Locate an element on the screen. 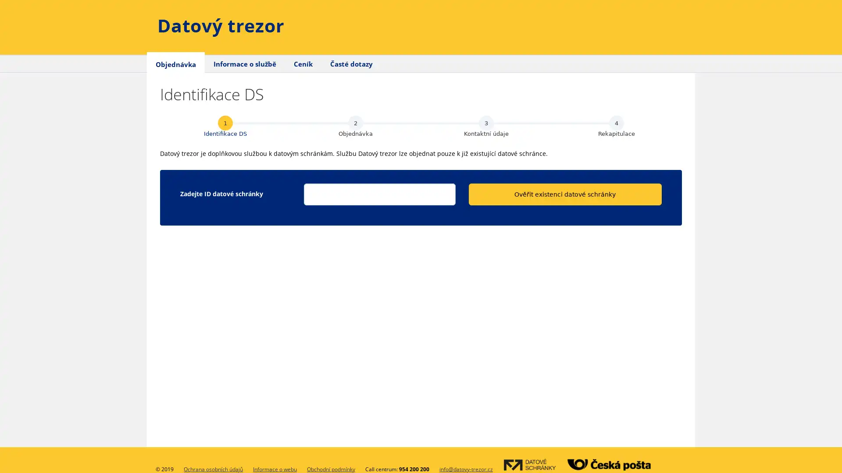  1 Identifikace DS is located at coordinates (225, 126).